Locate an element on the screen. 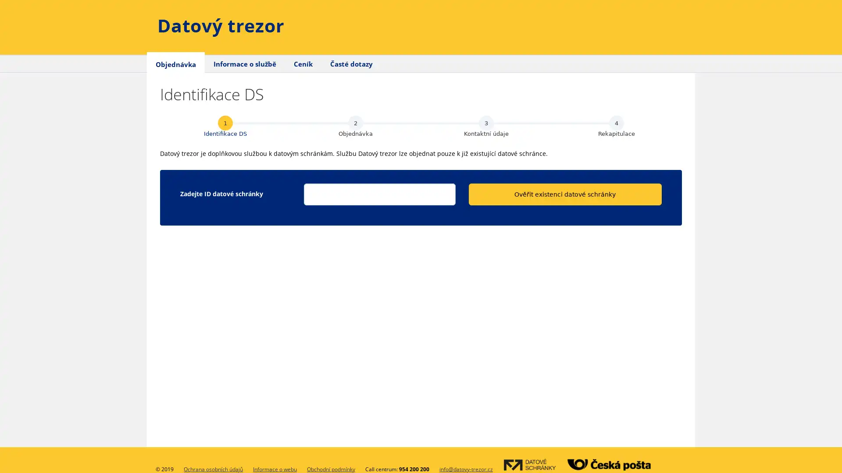  1 Identifikace DS is located at coordinates (225, 126).